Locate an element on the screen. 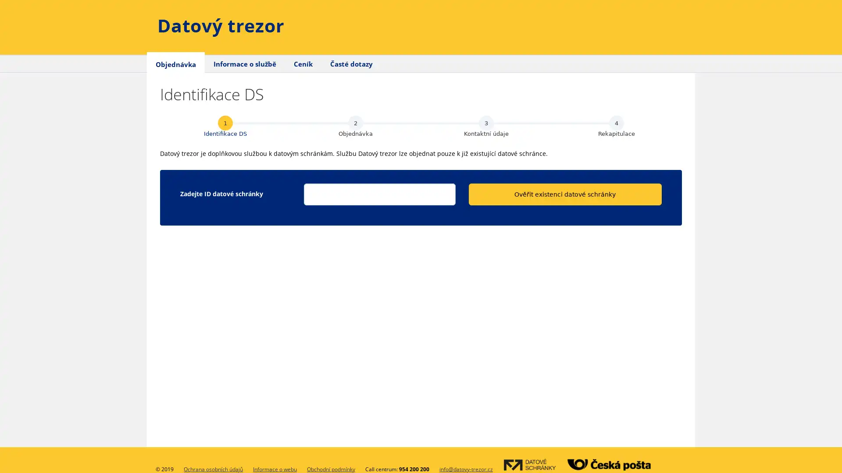  1 Identifikace DS is located at coordinates (225, 126).